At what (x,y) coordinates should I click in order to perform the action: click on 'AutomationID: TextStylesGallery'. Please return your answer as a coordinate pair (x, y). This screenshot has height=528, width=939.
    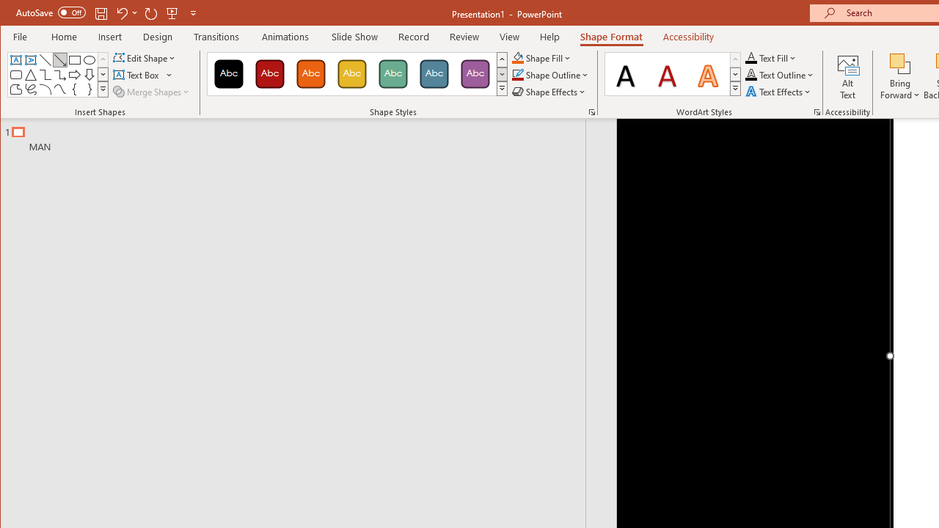
    Looking at the image, I should click on (672, 74).